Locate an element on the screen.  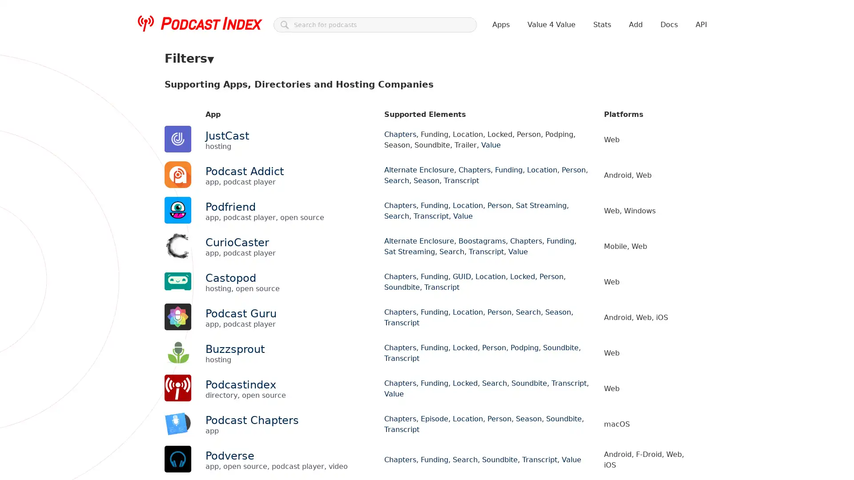
Social Links is located at coordinates (666, 86).